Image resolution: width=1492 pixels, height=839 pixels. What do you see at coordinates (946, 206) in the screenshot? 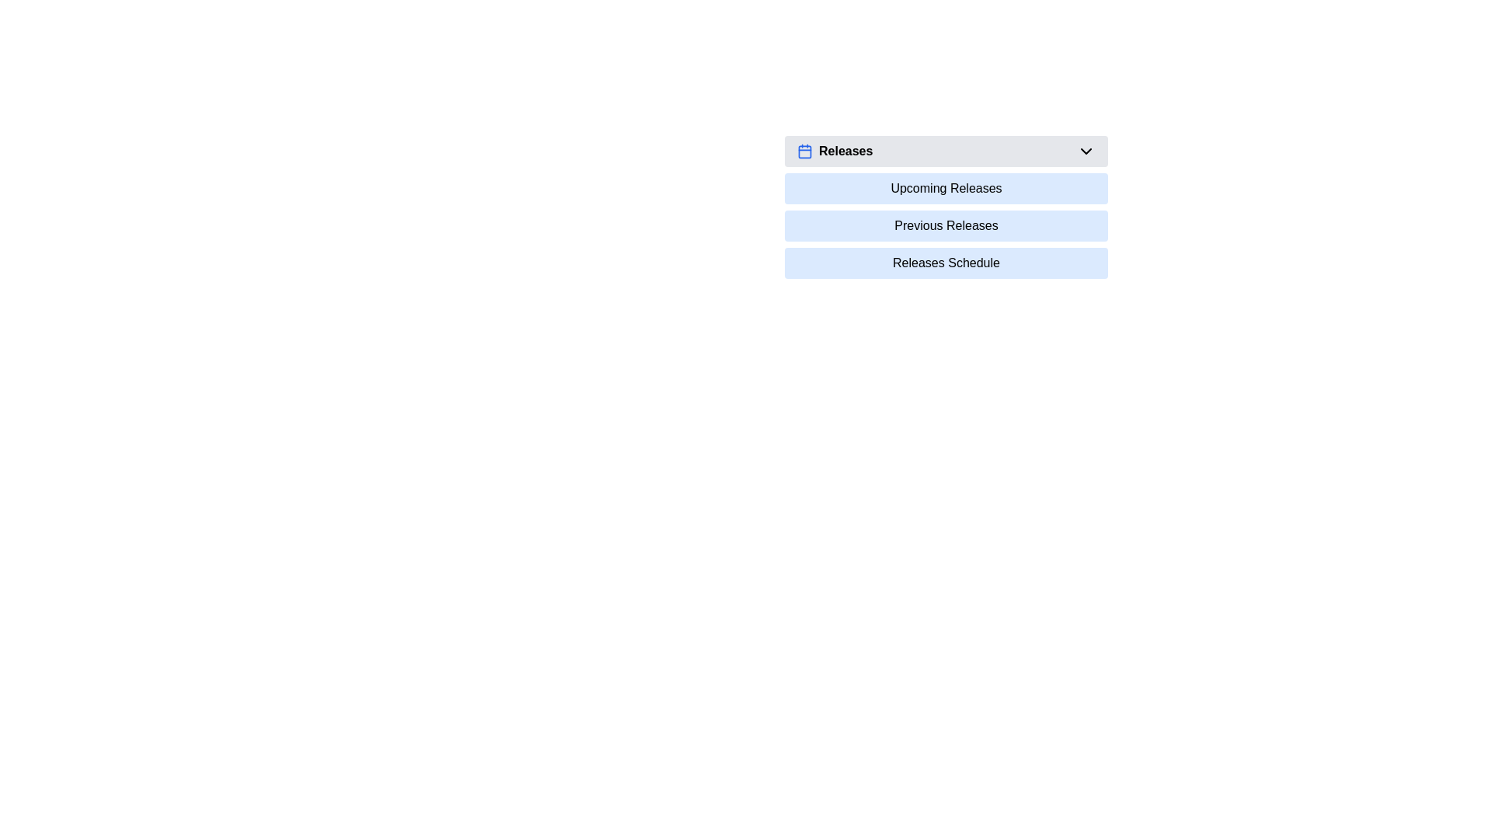
I see `the 'Previous Releases' item in the 'Releases' dropdown menu` at bounding box center [946, 206].